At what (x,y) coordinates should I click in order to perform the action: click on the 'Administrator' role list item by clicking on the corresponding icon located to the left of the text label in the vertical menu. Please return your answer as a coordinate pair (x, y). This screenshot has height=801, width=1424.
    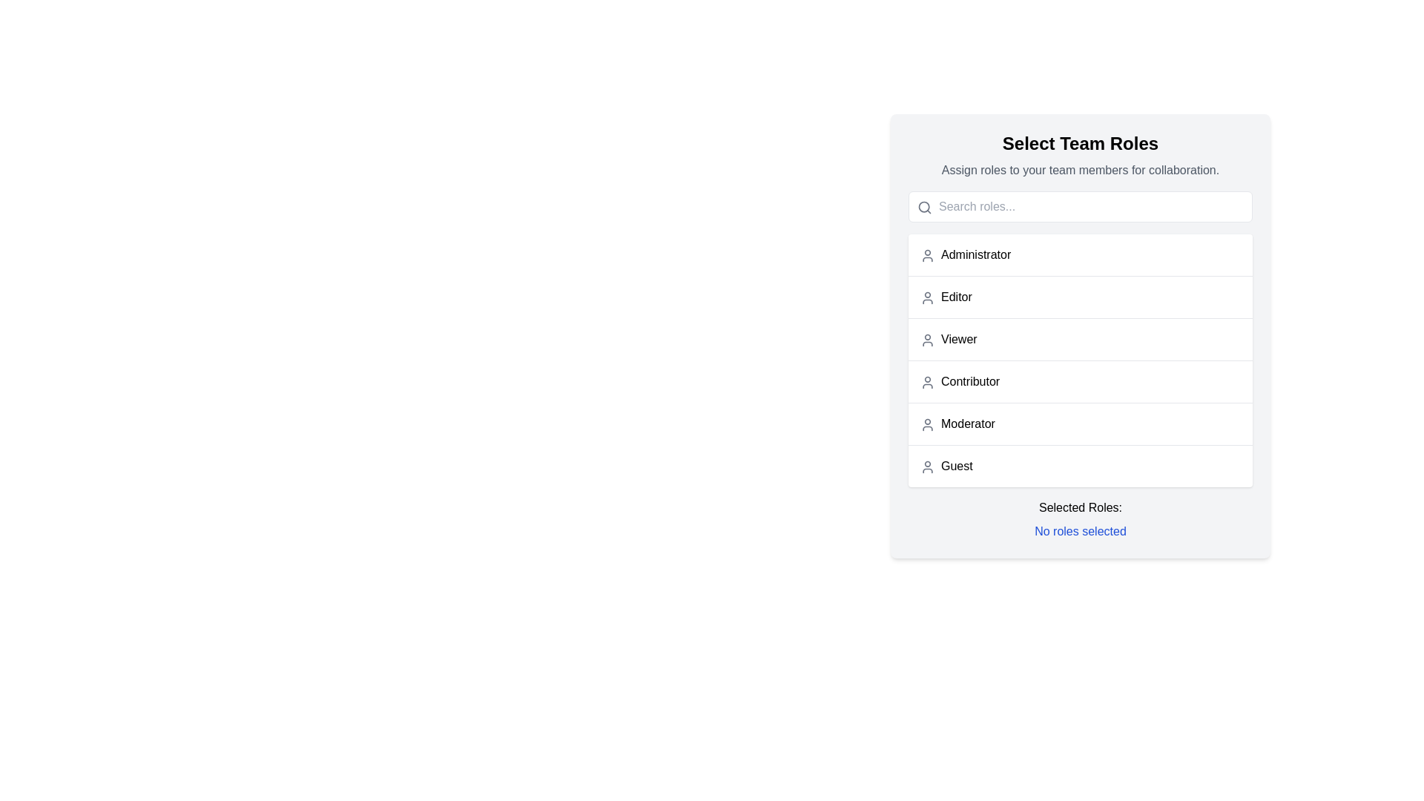
    Looking at the image, I should click on (927, 254).